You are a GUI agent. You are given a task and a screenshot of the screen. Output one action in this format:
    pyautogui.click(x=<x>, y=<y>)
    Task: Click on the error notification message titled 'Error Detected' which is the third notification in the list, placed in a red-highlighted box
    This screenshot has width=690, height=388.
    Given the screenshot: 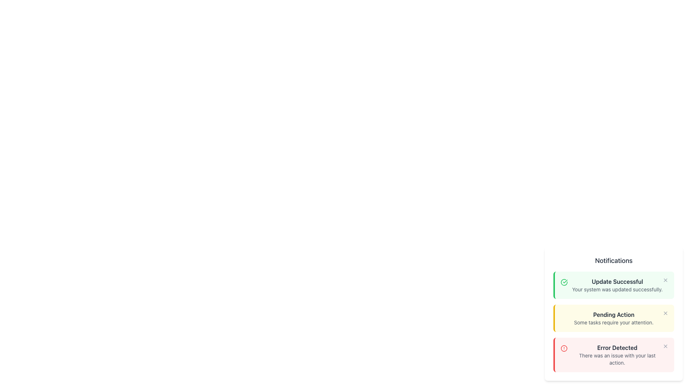 What is the action you would take?
    pyautogui.click(x=617, y=354)
    